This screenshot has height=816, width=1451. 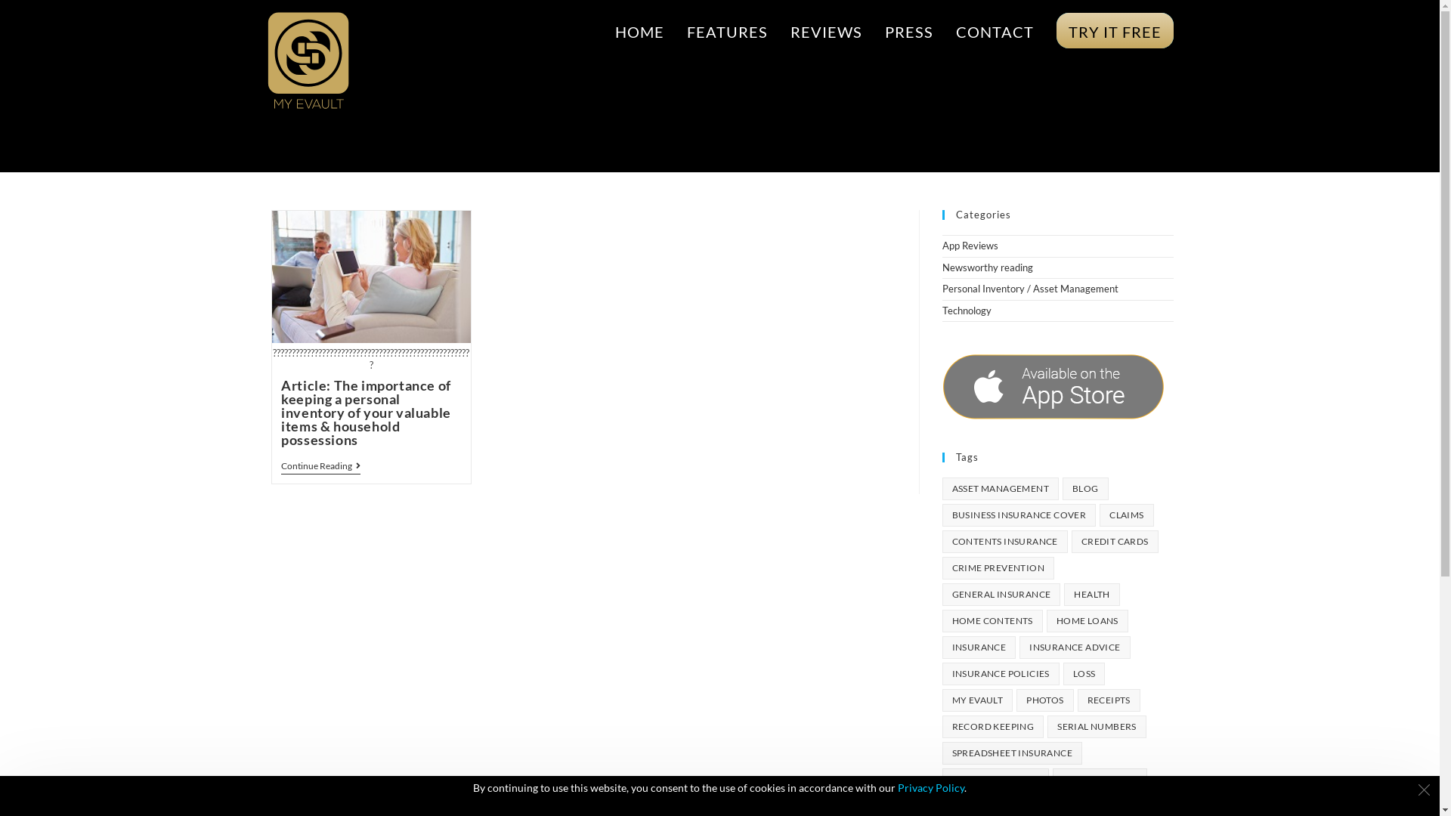 What do you see at coordinates (976, 700) in the screenshot?
I see `'MY EVAULT'` at bounding box center [976, 700].